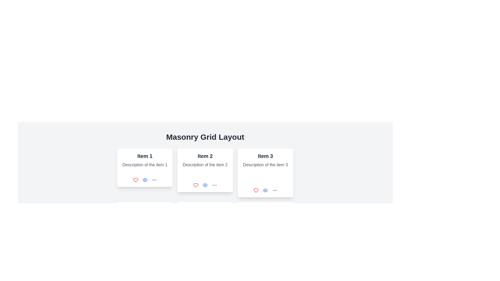 Image resolution: width=500 pixels, height=281 pixels. What do you see at coordinates (265, 165) in the screenshot?
I see `the text block displaying 'Description of the item 3' located in the third card from the left, directly below the title 'Item 3'` at bounding box center [265, 165].